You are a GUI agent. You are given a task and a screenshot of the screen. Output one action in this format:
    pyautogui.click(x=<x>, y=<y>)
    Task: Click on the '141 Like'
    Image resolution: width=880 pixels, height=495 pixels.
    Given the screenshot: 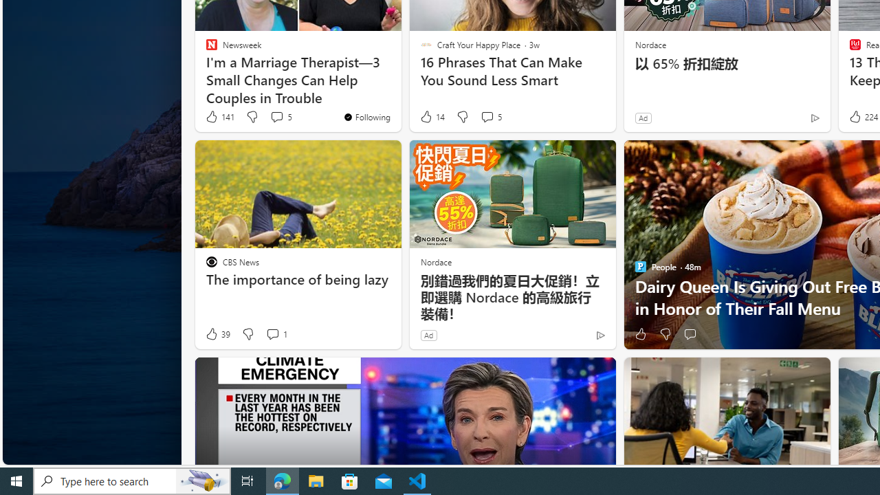 What is the action you would take?
    pyautogui.click(x=219, y=116)
    